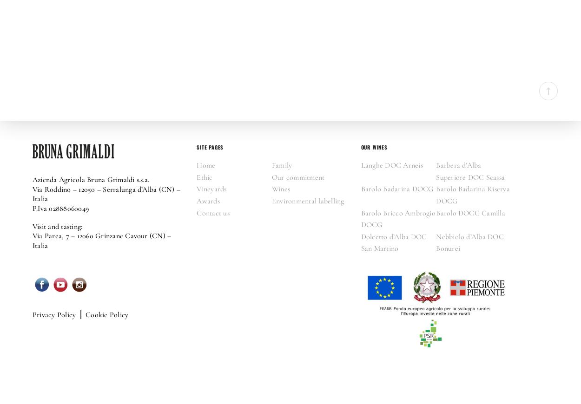 The width and height of the screenshot is (581, 404). Describe the element at coordinates (209, 147) in the screenshot. I see `'SITE PAGES'` at that location.